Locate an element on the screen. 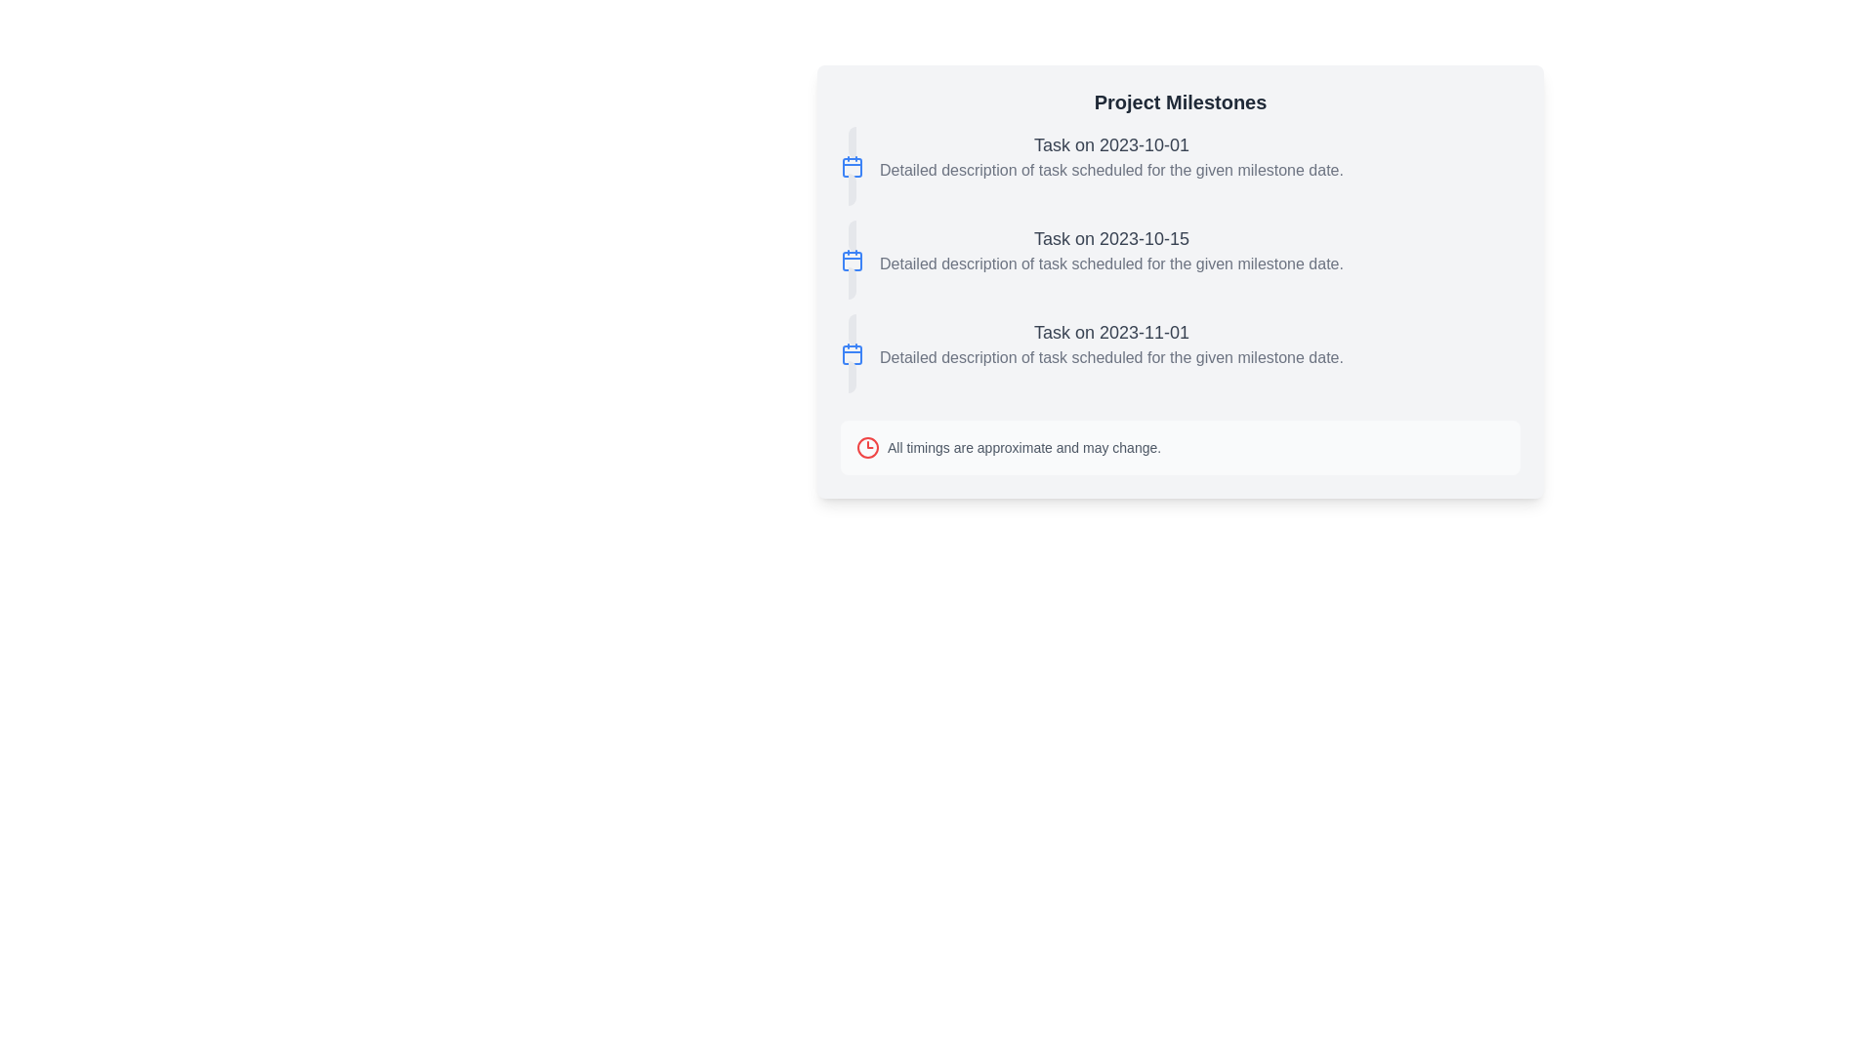 Image resolution: width=1875 pixels, height=1054 pixels. the 'Project Milestones' text header, which is styled with a large and bold font and positioned at the top of a light gray background card is located at coordinates (1180, 101).